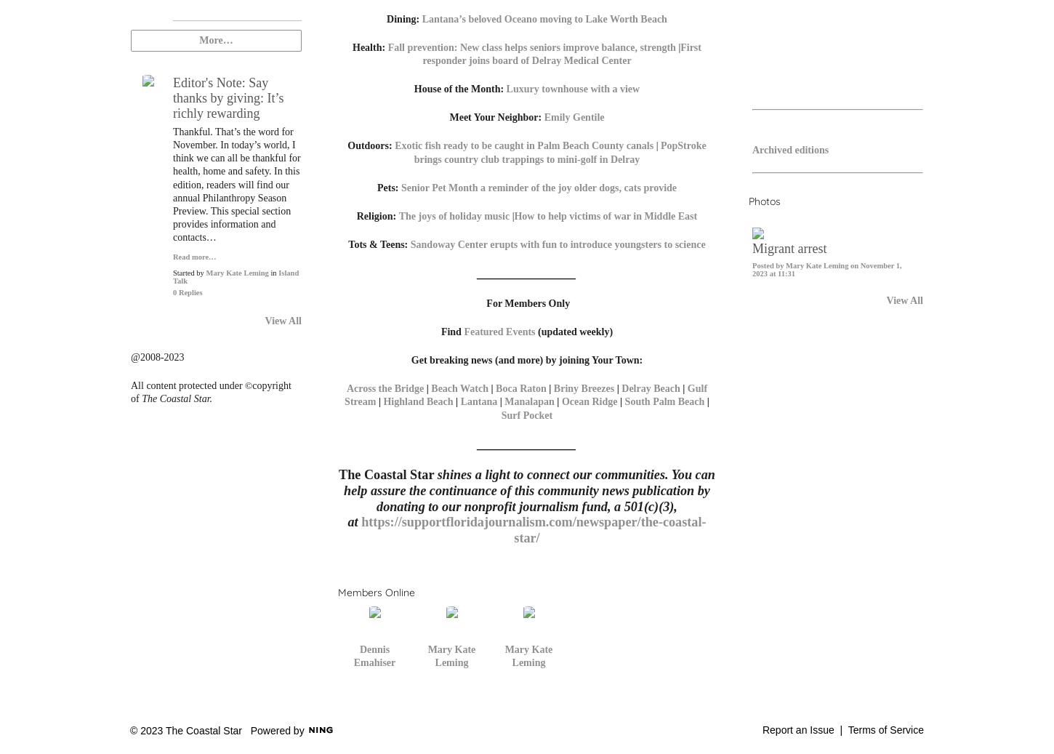 The height and width of the screenshot is (754, 1054). What do you see at coordinates (885, 730) in the screenshot?
I see `'Terms of Service'` at bounding box center [885, 730].